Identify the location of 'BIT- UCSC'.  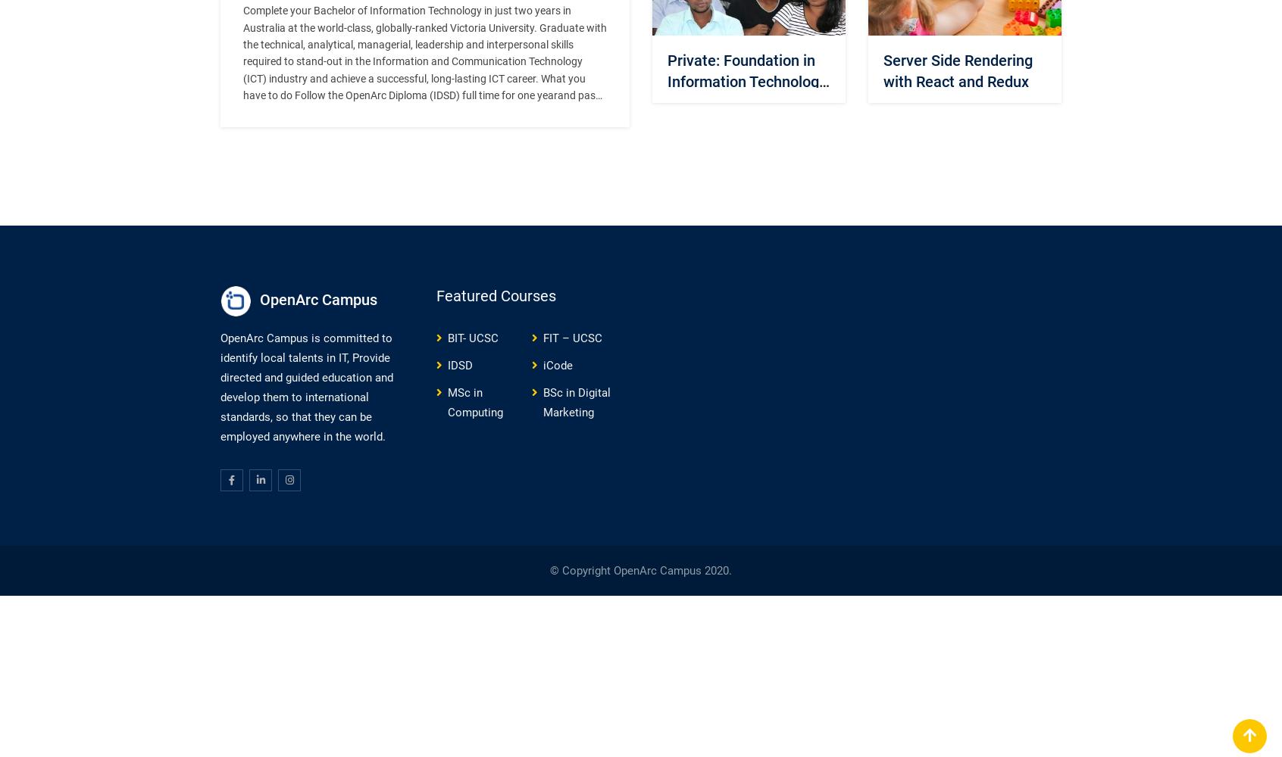
(447, 337).